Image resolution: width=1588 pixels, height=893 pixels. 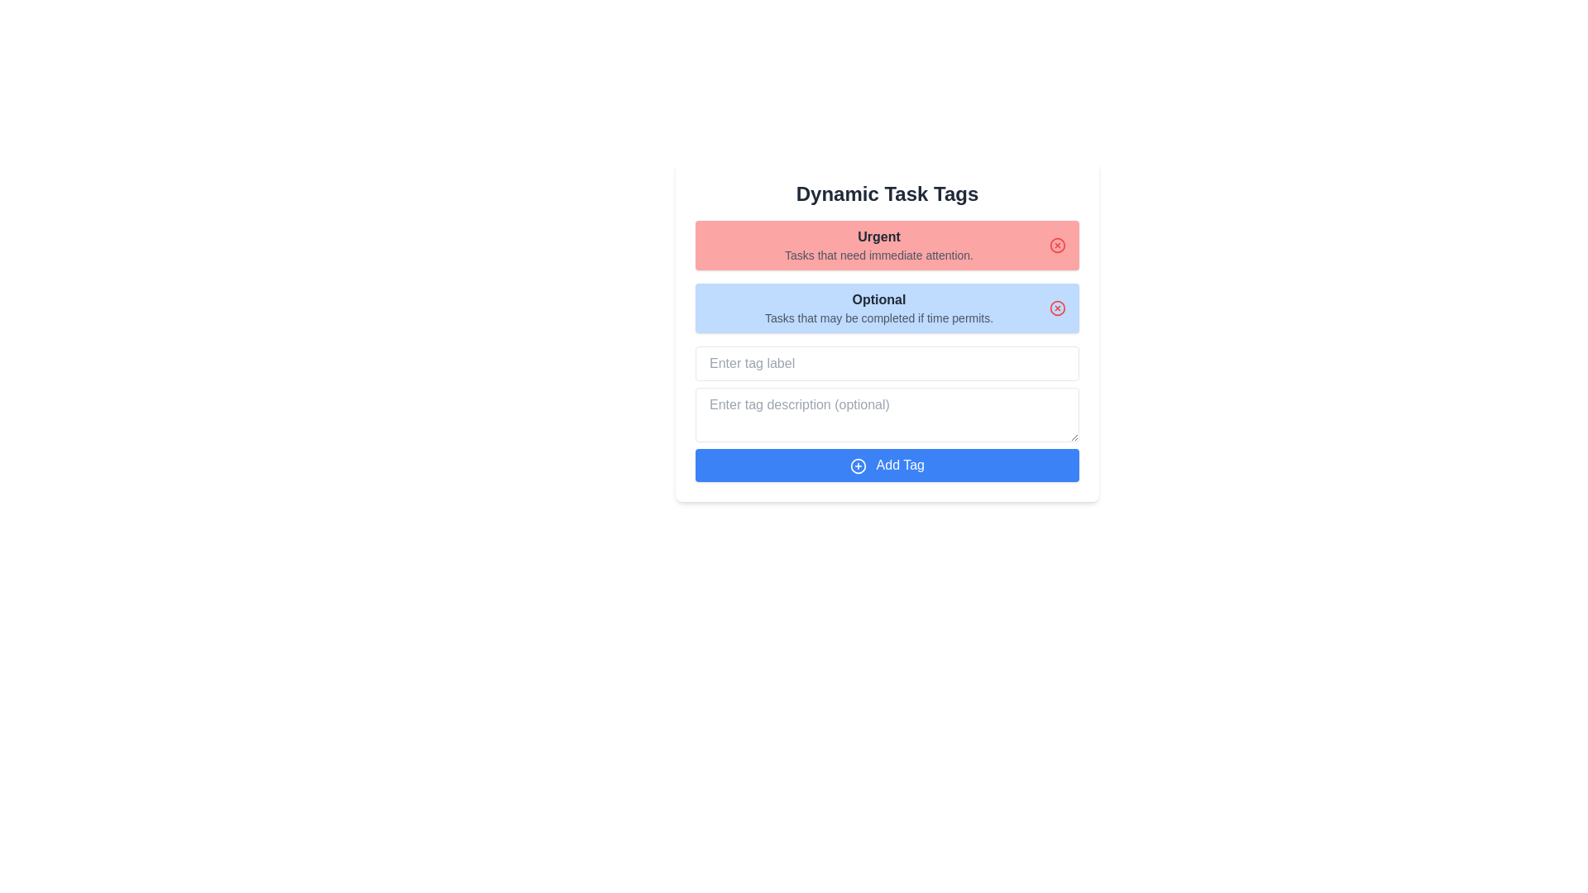 I want to click on the dismiss button located at the right end of the red bar labeled 'Urgent Tasks that need immediate attention', so click(x=1056, y=246).